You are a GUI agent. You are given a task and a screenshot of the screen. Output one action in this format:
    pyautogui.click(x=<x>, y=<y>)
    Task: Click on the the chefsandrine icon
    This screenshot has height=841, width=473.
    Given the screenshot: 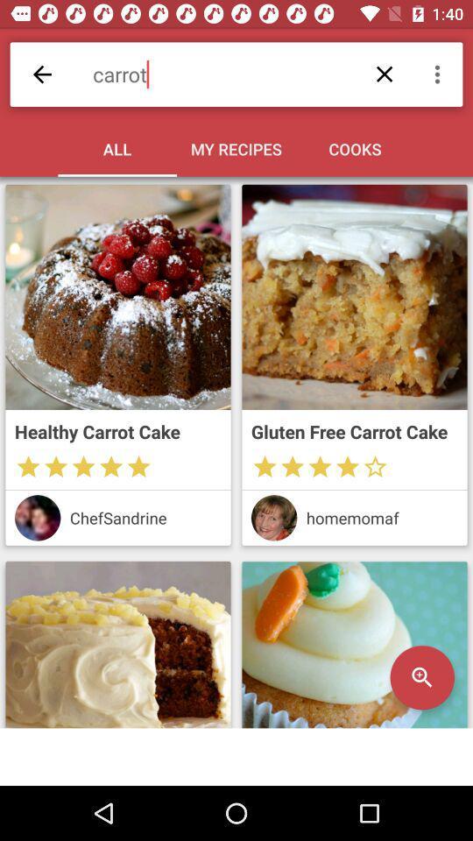 What is the action you would take?
    pyautogui.click(x=145, y=518)
    